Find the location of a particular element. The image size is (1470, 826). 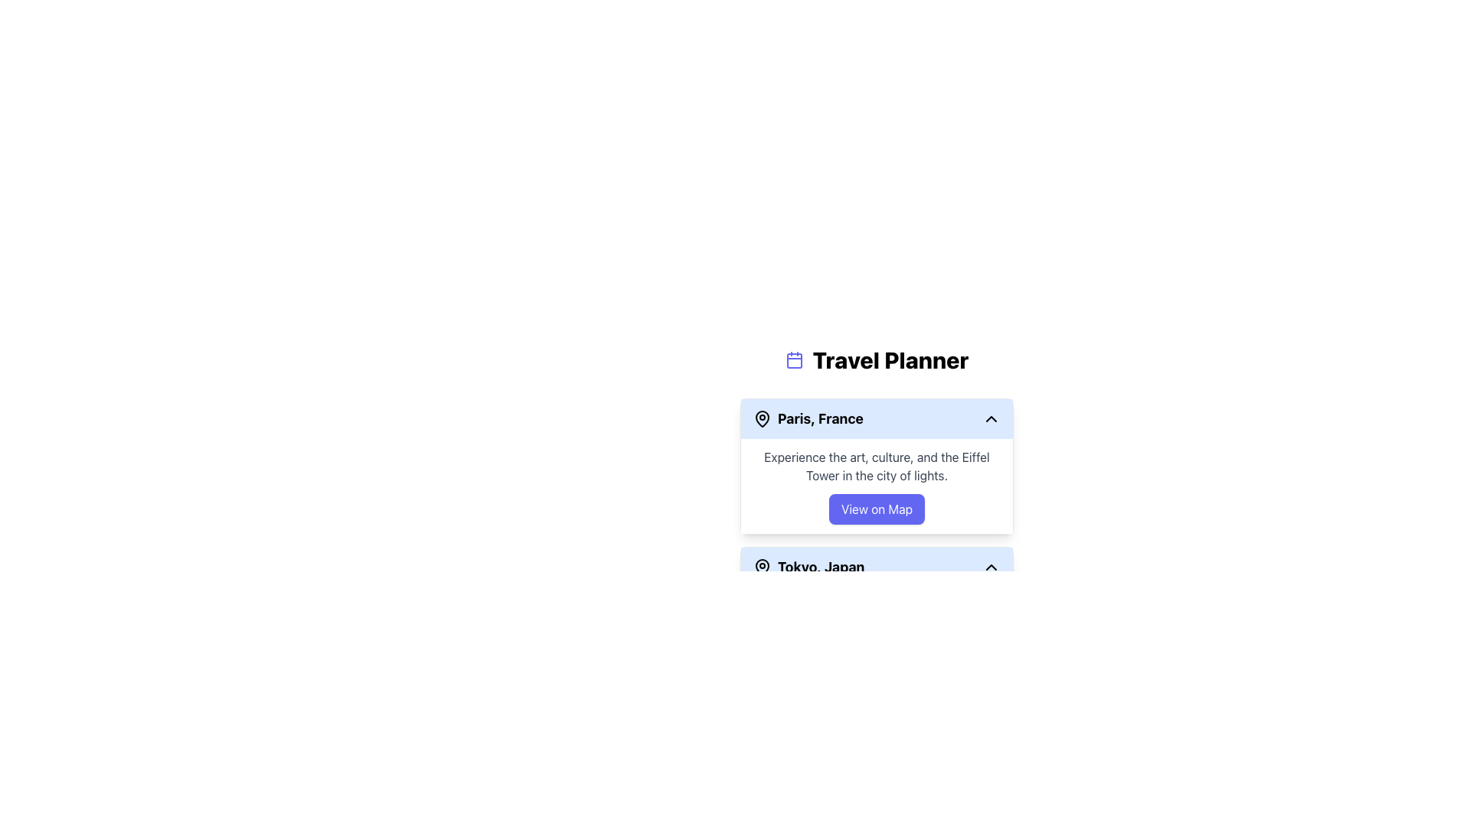

the geographic location icon that is positioned to the left of the text 'Paris, France' is located at coordinates (763, 418).